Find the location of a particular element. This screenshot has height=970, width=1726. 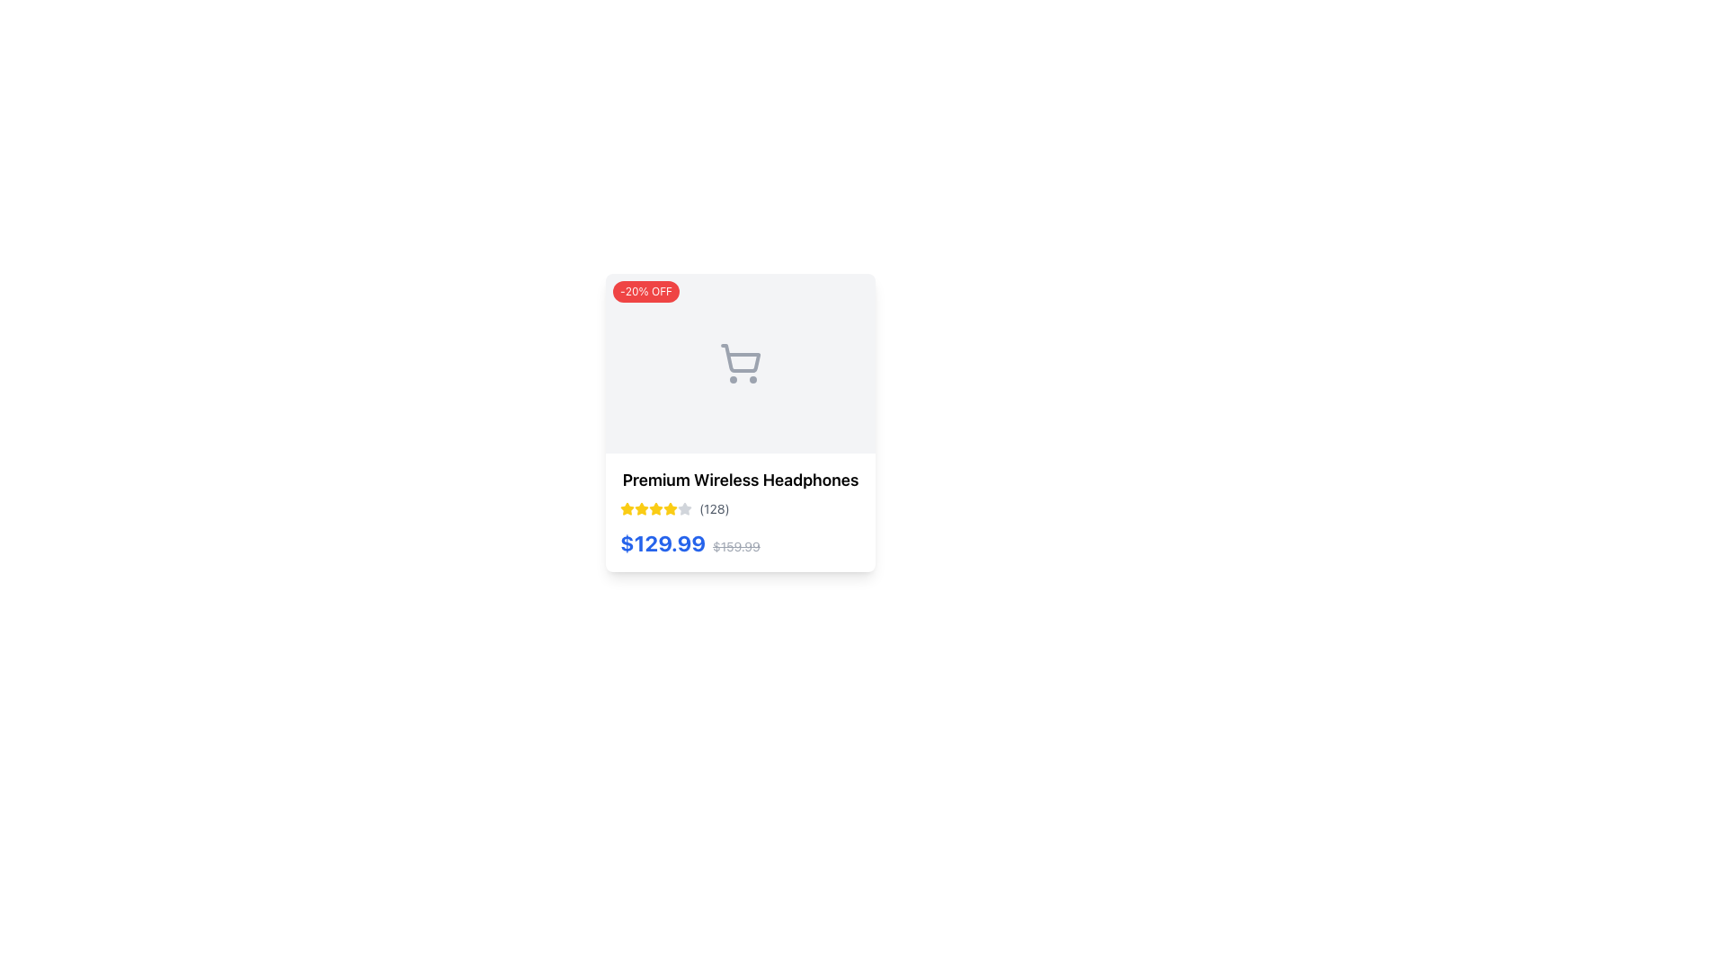

the shopping cart icon, which is a minimalistic outline design with a thin gray stroke is located at coordinates (741, 357).